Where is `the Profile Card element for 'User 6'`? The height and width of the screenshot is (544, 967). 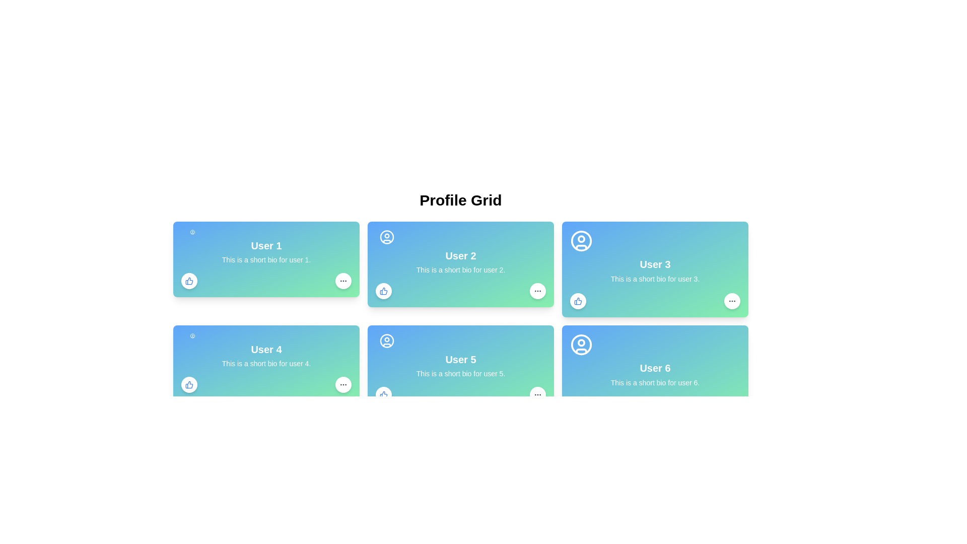 the Profile Card element for 'User 6' is located at coordinates (655, 373).